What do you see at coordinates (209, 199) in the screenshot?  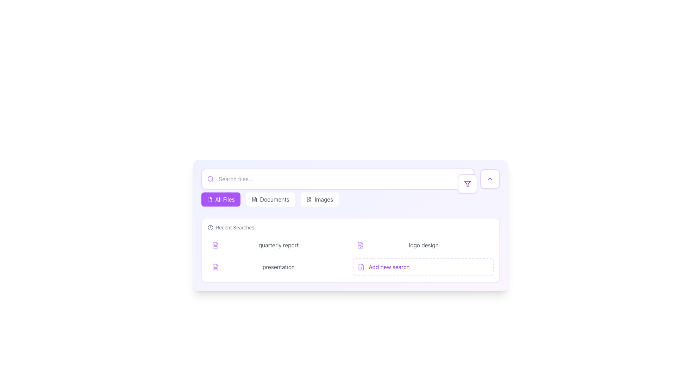 I see `the 'All Files' button, which is represented by the icon located to the left of the text 'All Files' at the top left of the content section` at bounding box center [209, 199].